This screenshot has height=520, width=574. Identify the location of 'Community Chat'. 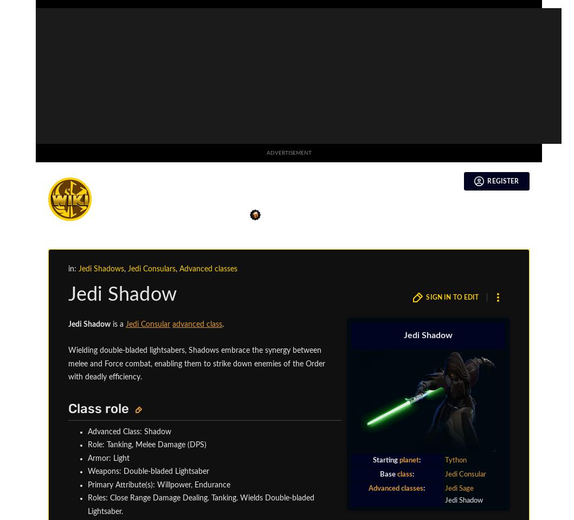
(80, 279).